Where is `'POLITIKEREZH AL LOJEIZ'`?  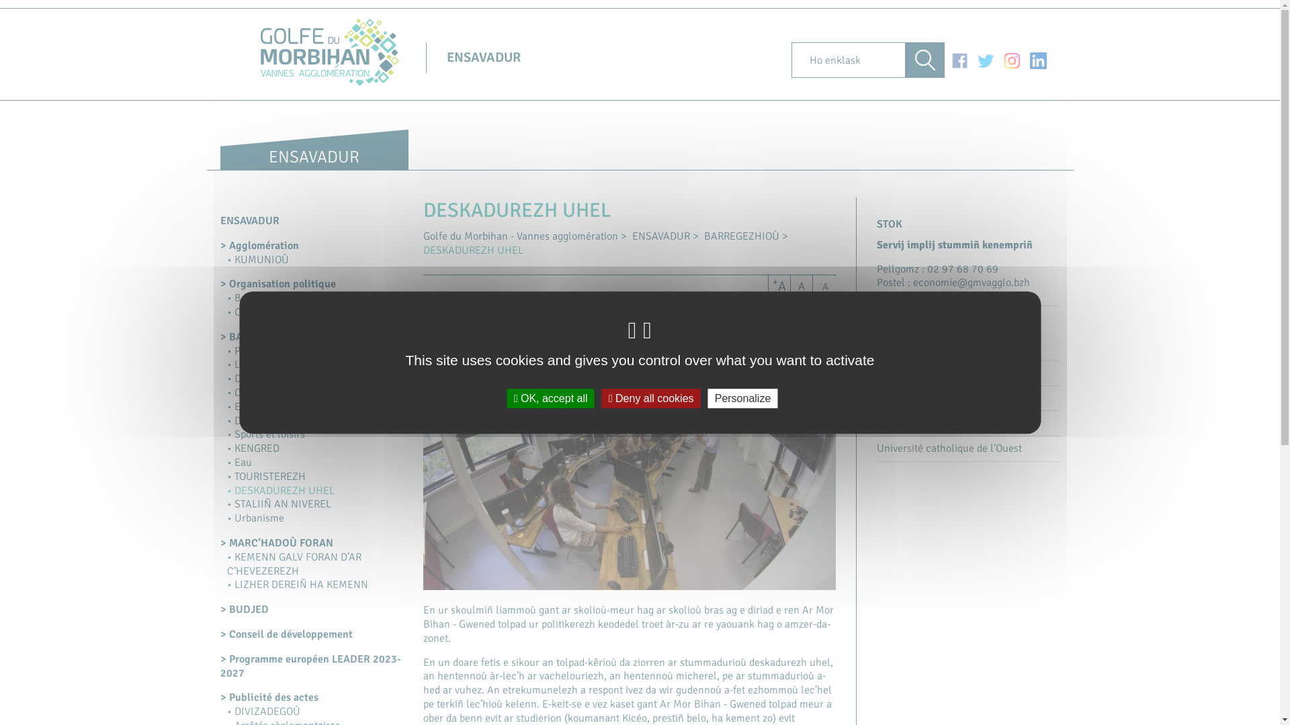
'POLITIKEREZH AL LOJEIZ' is located at coordinates (289, 350).